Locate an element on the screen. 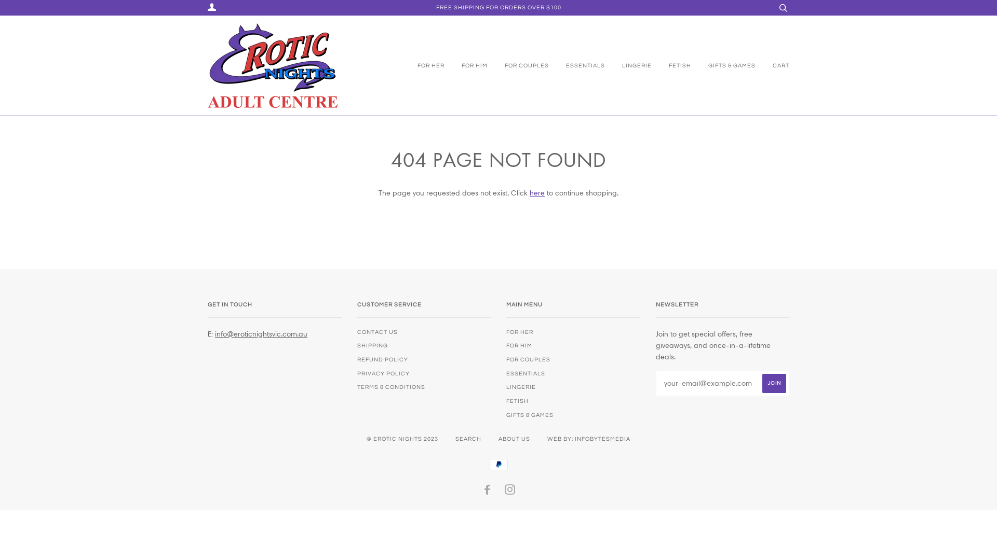 The width and height of the screenshot is (997, 560). 'FOR HER' is located at coordinates (520, 332).